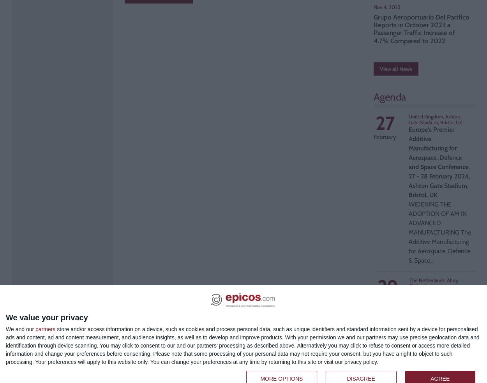  Describe the element at coordinates (396, 69) in the screenshot. I see `'View all News'` at that location.